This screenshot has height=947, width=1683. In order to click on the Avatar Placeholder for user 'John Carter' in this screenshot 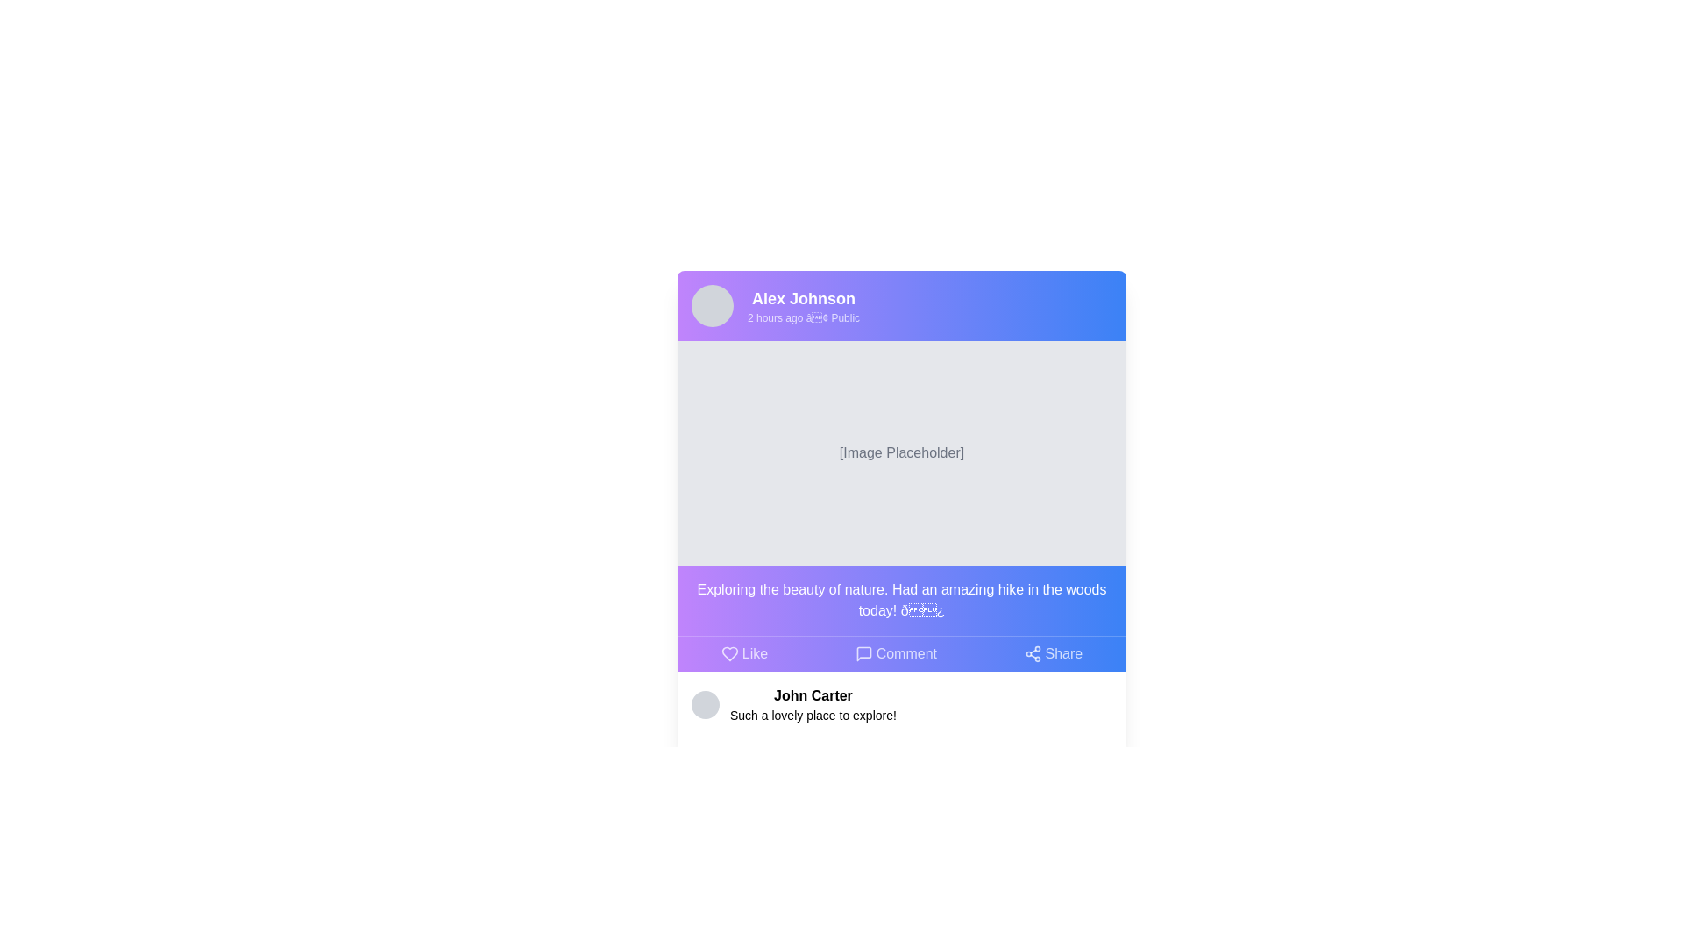, I will do `click(706, 703)`.